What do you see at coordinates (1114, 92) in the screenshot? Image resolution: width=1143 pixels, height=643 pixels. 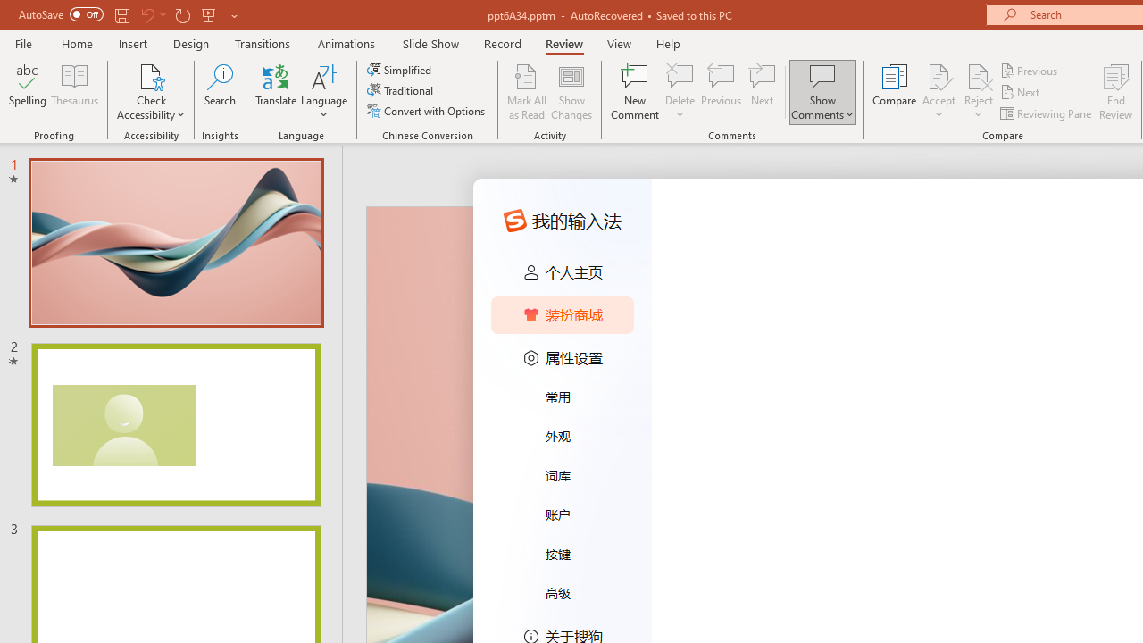 I see `'End Review'` at bounding box center [1114, 92].